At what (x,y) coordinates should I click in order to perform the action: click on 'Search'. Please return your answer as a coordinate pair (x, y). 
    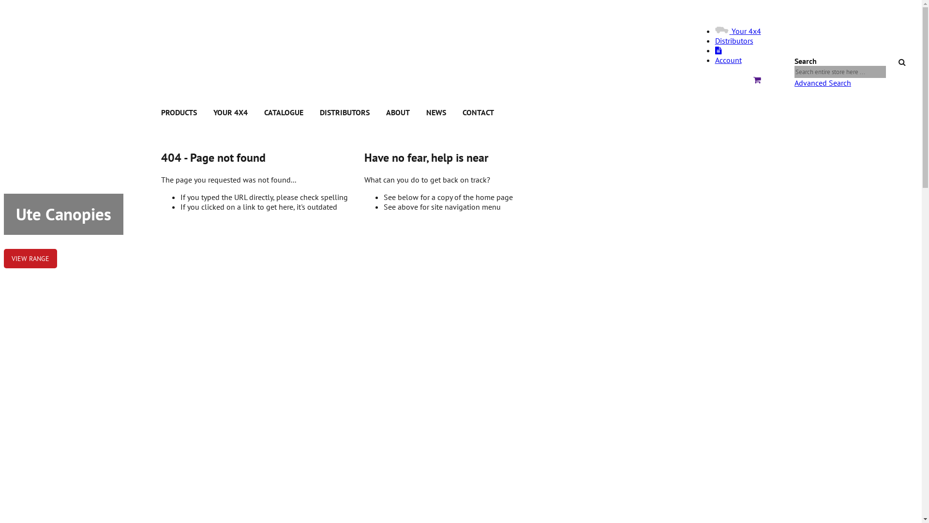
    Looking at the image, I should click on (904, 60).